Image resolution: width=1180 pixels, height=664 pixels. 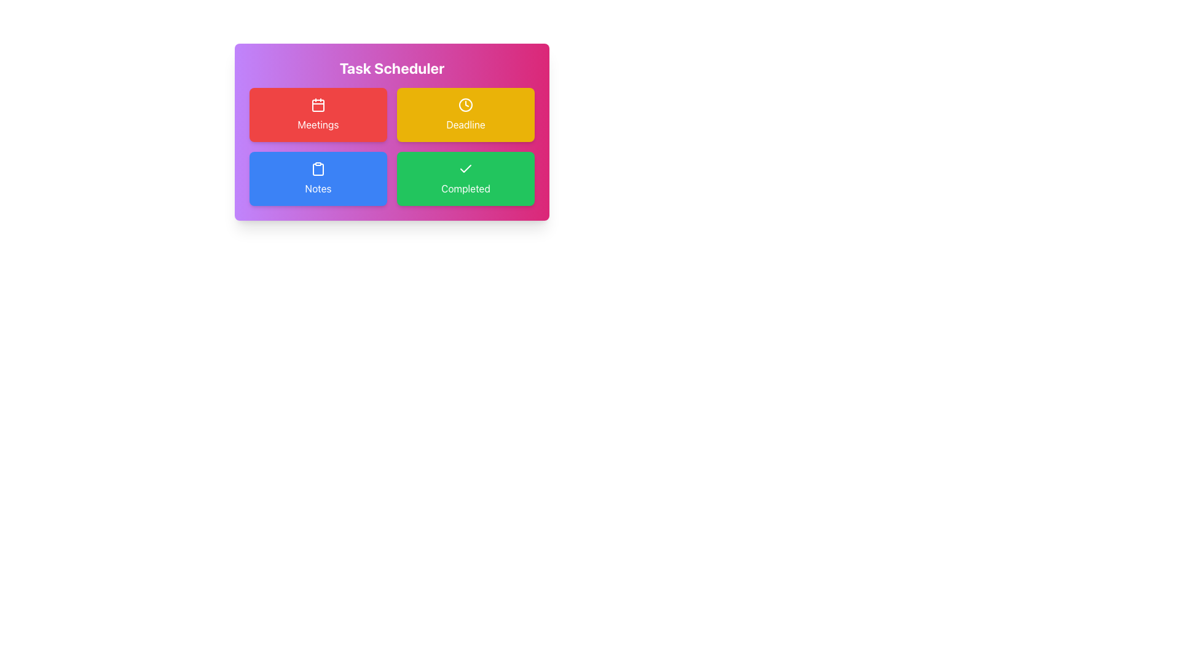 I want to click on the 'Notes' button located in the bottom-left quadrant of the Task Scheduler grid, so click(x=318, y=178).